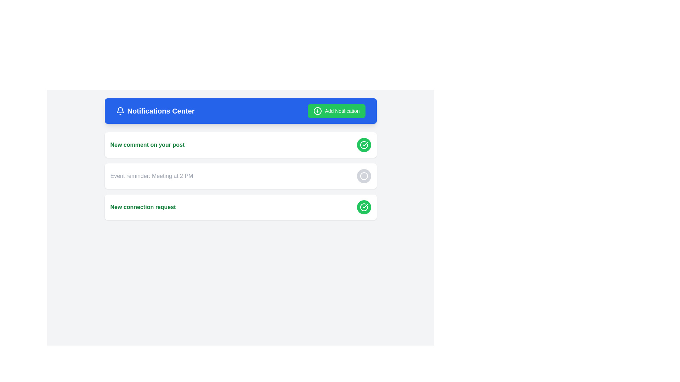 The height and width of the screenshot is (382, 680). Describe the element at coordinates (364, 144) in the screenshot. I see `the circular green button with a white checkmark symbol to acknowledge the notification regarding 'New comment on your post.'` at that location.